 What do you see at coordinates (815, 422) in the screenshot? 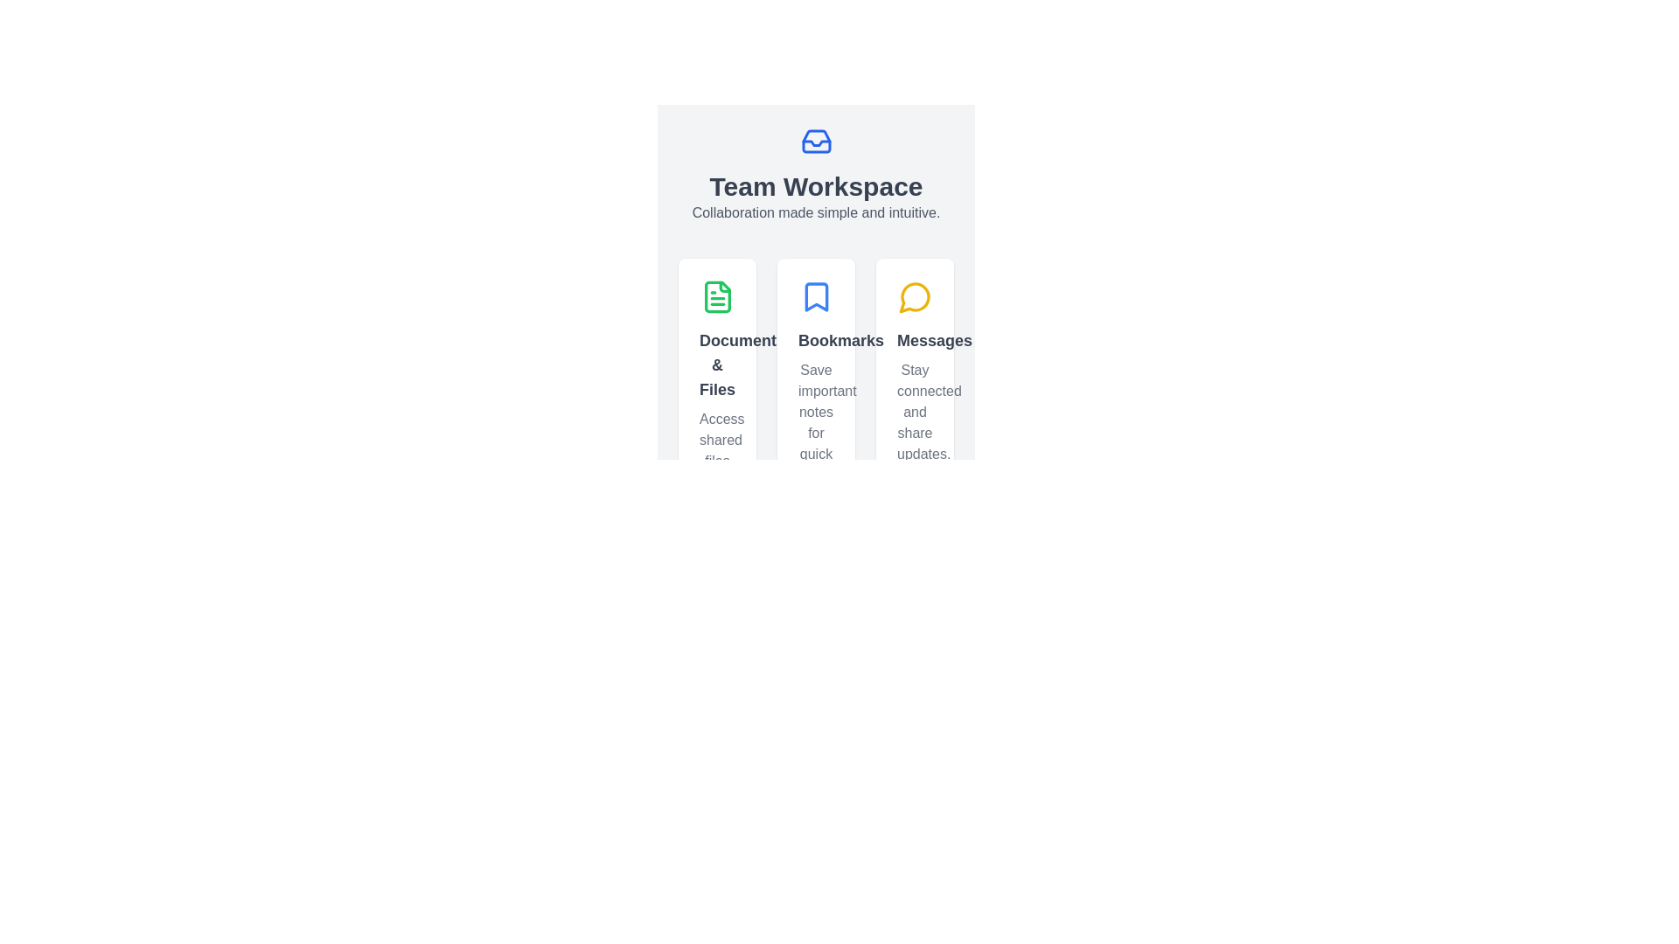
I see `the static text label that says 'Save important notes for quick access.' located beneath the 'Bookmarks' title in the 'Bookmarks' panel` at bounding box center [815, 422].